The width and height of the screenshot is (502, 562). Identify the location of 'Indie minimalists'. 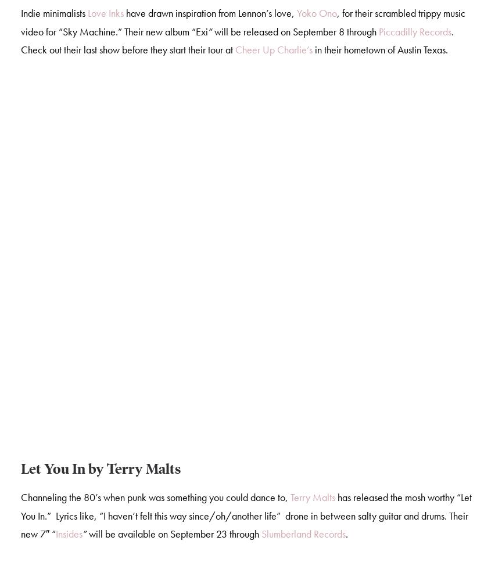
(53, 15).